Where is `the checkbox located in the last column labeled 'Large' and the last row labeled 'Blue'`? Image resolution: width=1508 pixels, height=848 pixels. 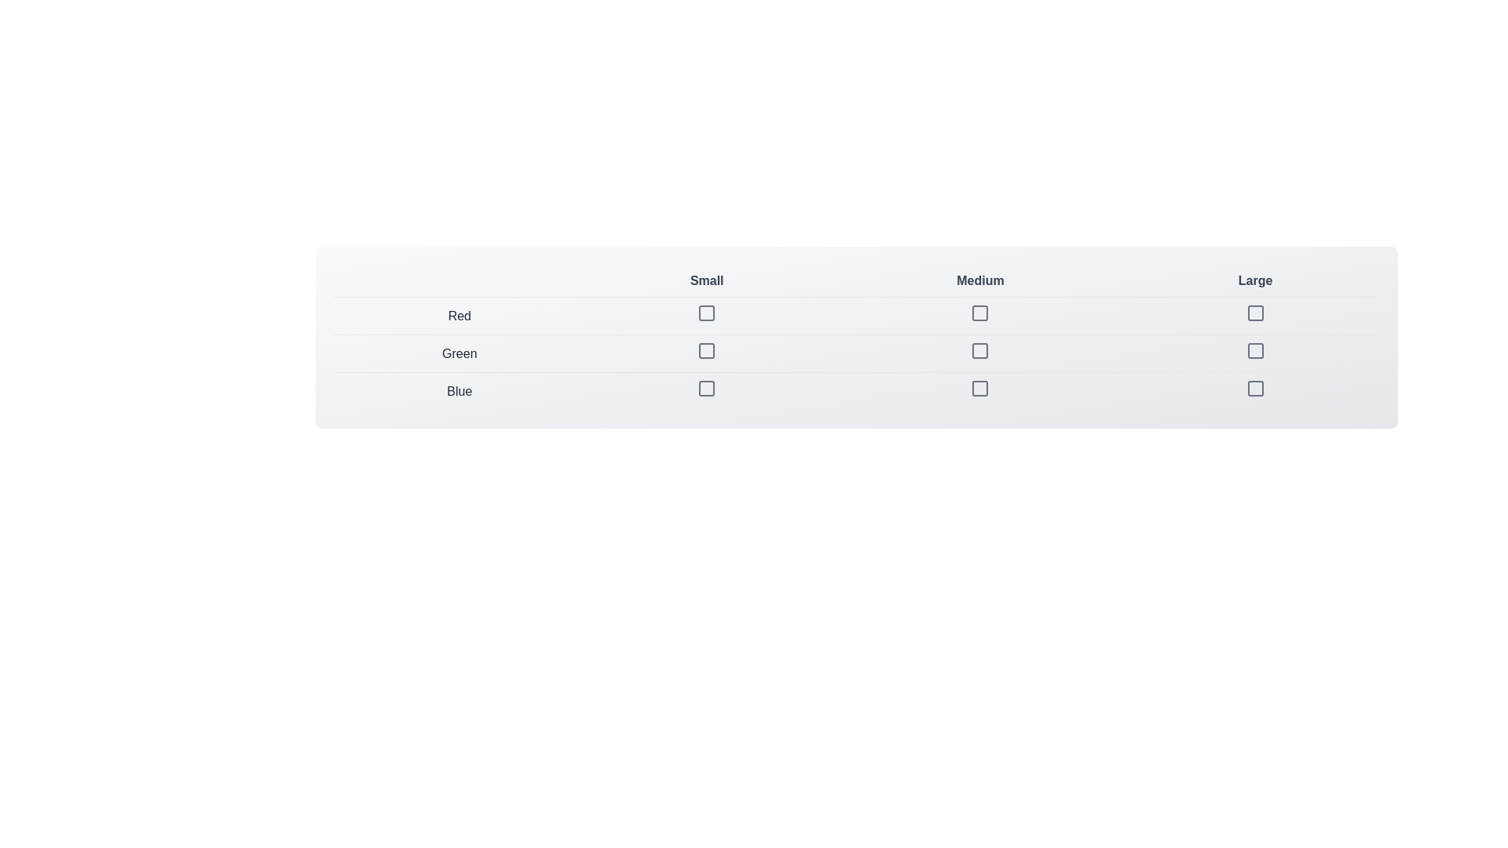
the checkbox located in the last column labeled 'Large' and the last row labeled 'Blue' is located at coordinates (1254, 390).